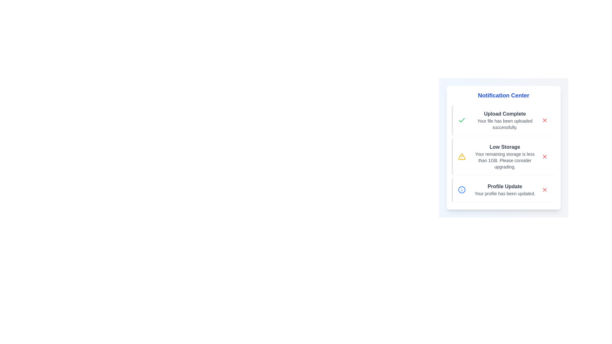  Describe the element at coordinates (544, 157) in the screenshot. I see `the interactive button styled as an icon located within the 'Low Storage' notification card` at that location.